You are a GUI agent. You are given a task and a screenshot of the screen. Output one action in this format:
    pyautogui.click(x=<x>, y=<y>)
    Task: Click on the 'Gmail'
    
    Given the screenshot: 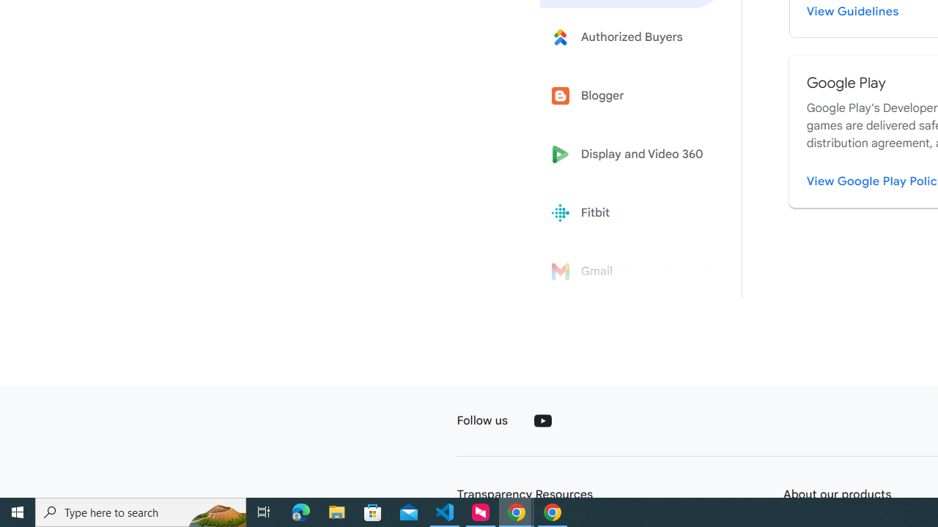 What is the action you would take?
    pyautogui.click(x=632, y=272)
    